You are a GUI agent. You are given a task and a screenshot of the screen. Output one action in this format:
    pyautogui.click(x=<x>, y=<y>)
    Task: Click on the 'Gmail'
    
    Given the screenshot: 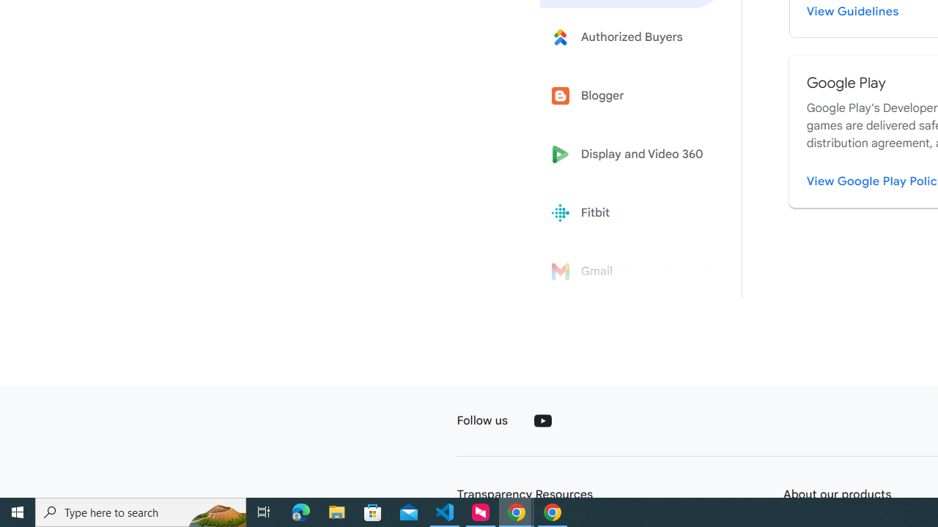 What is the action you would take?
    pyautogui.click(x=632, y=272)
    